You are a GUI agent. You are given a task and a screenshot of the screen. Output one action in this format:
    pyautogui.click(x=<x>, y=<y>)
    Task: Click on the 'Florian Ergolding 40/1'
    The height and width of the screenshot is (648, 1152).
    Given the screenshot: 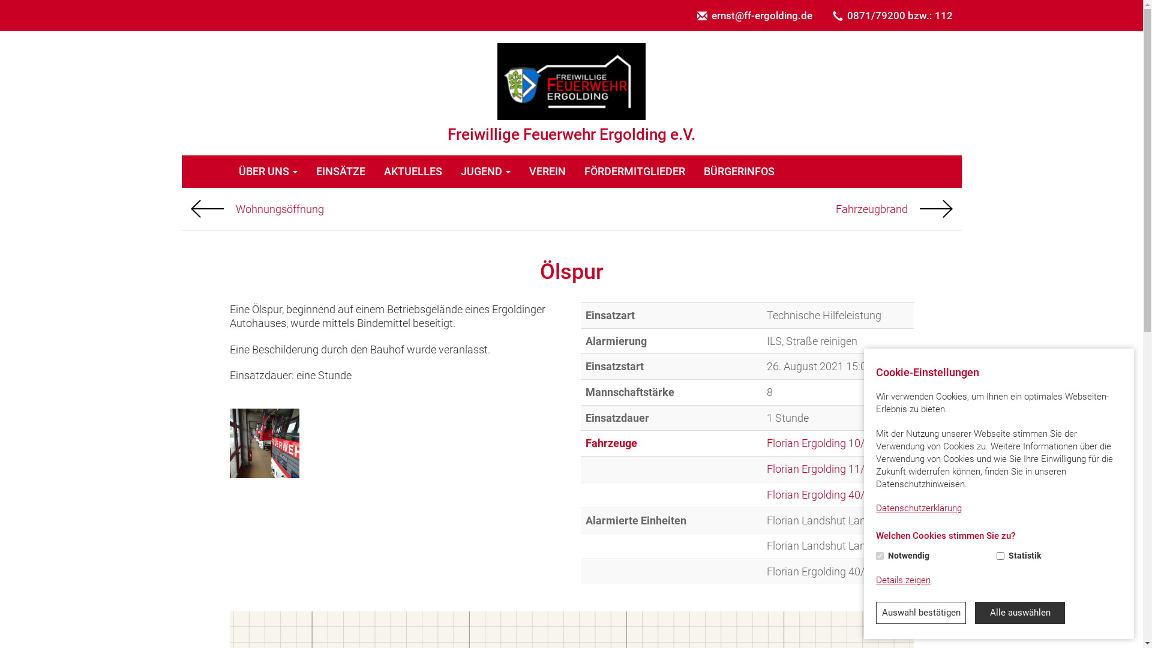 What is the action you would take?
    pyautogui.click(x=818, y=494)
    